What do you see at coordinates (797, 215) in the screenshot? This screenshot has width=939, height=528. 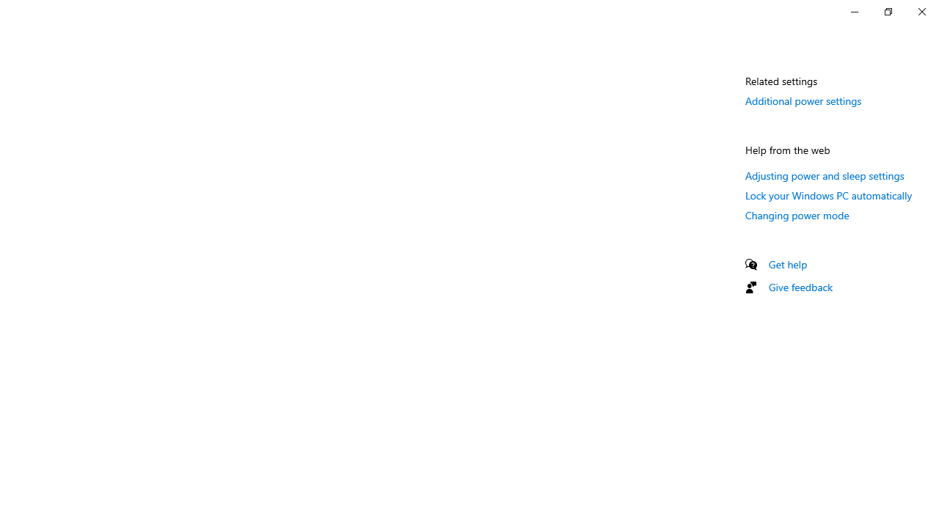 I see `'Changing power mode'` at bounding box center [797, 215].